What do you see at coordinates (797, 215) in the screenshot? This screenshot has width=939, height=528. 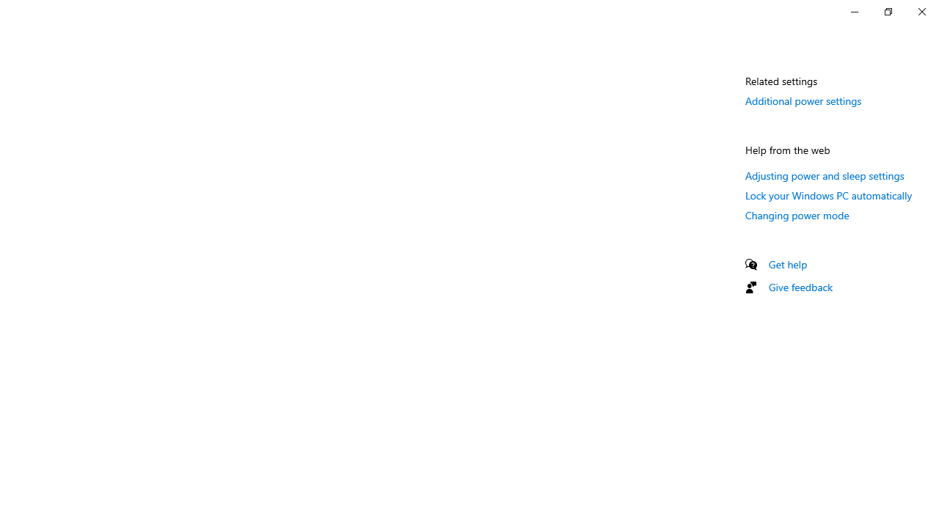 I see `'Changing power mode'` at bounding box center [797, 215].